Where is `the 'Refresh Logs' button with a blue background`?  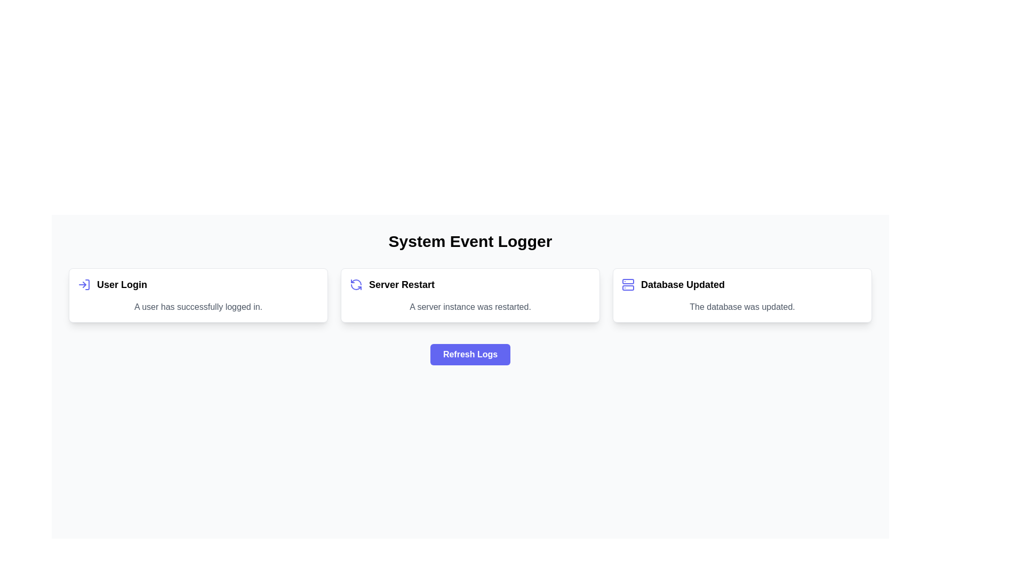
the 'Refresh Logs' button with a blue background is located at coordinates (470, 354).